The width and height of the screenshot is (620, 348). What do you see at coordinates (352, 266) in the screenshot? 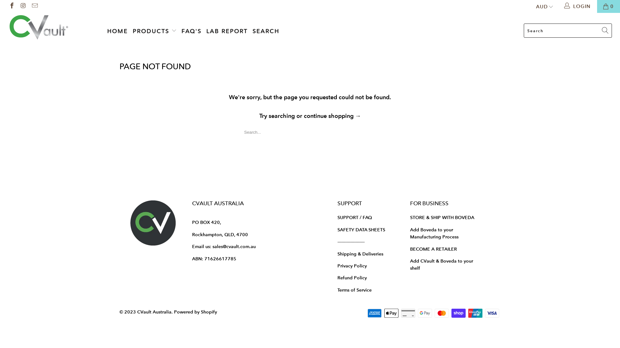
I see `'Privacy Policy'` at bounding box center [352, 266].